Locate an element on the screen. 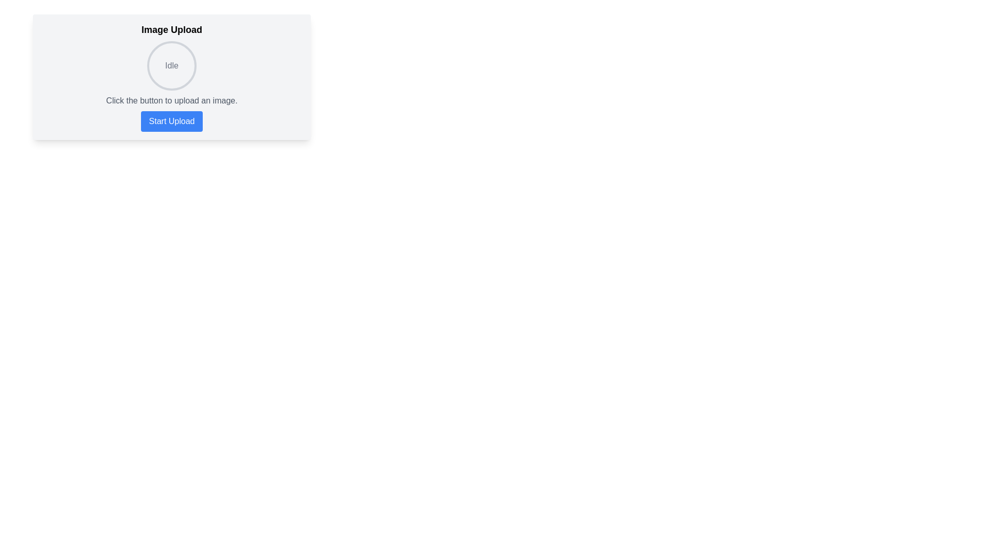 Image resolution: width=988 pixels, height=556 pixels. the 'Start Upload' button is located at coordinates (172, 120).